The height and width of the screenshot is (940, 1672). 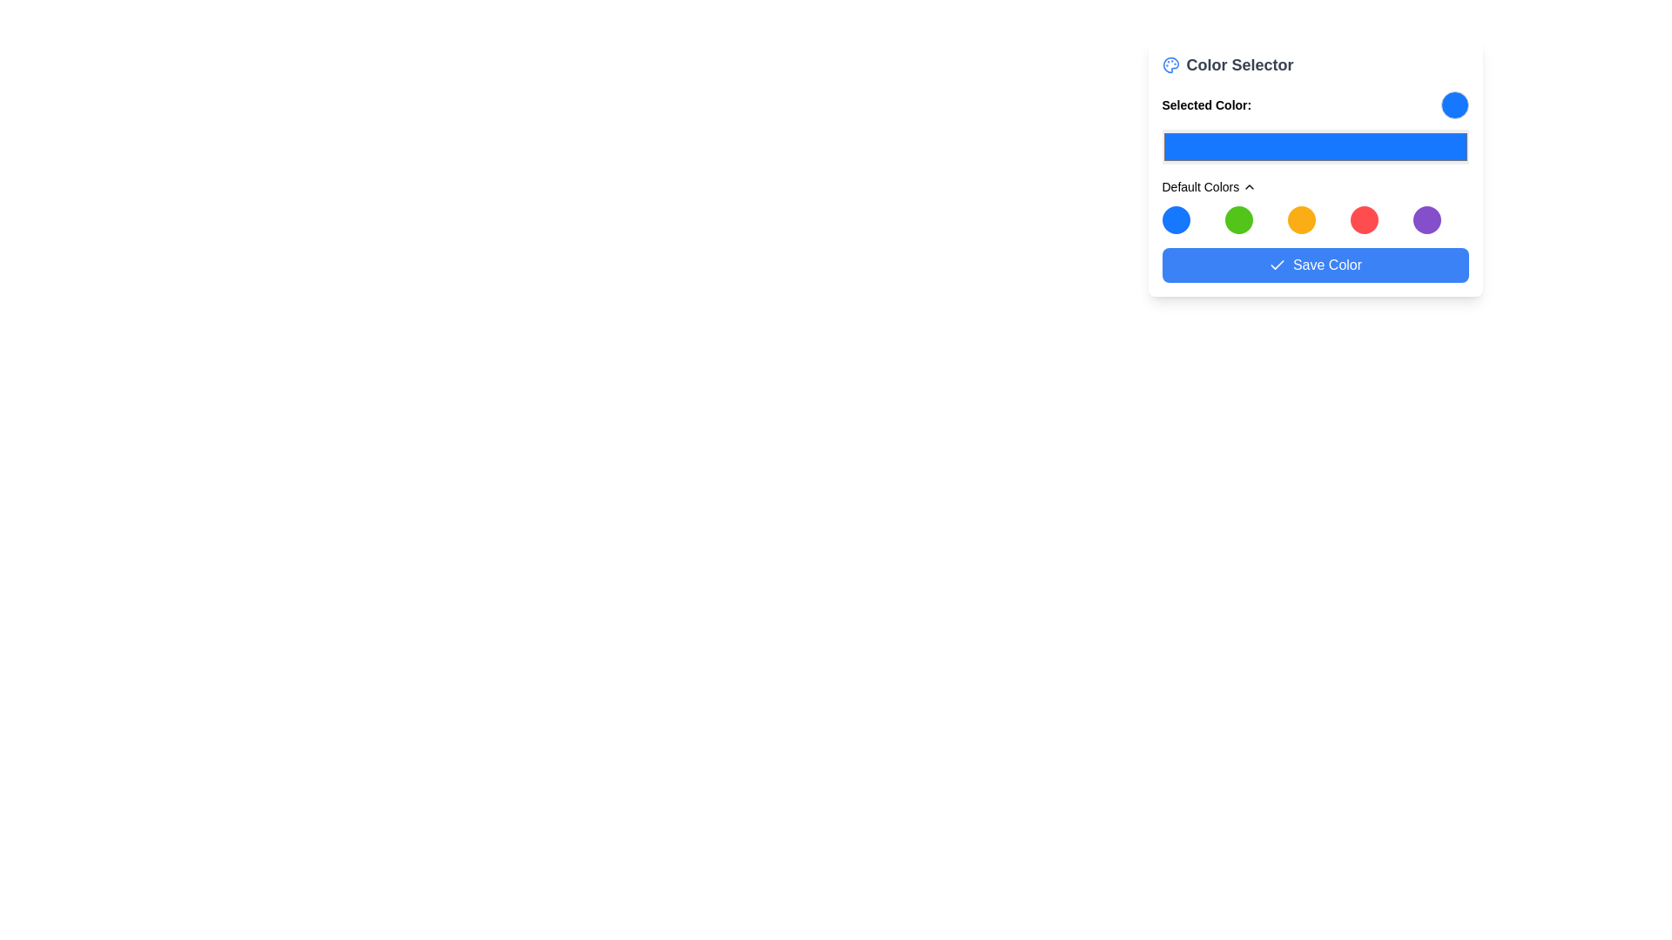 I want to click on the first circular button in the 'Default Colors' section, so click(x=1176, y=219).